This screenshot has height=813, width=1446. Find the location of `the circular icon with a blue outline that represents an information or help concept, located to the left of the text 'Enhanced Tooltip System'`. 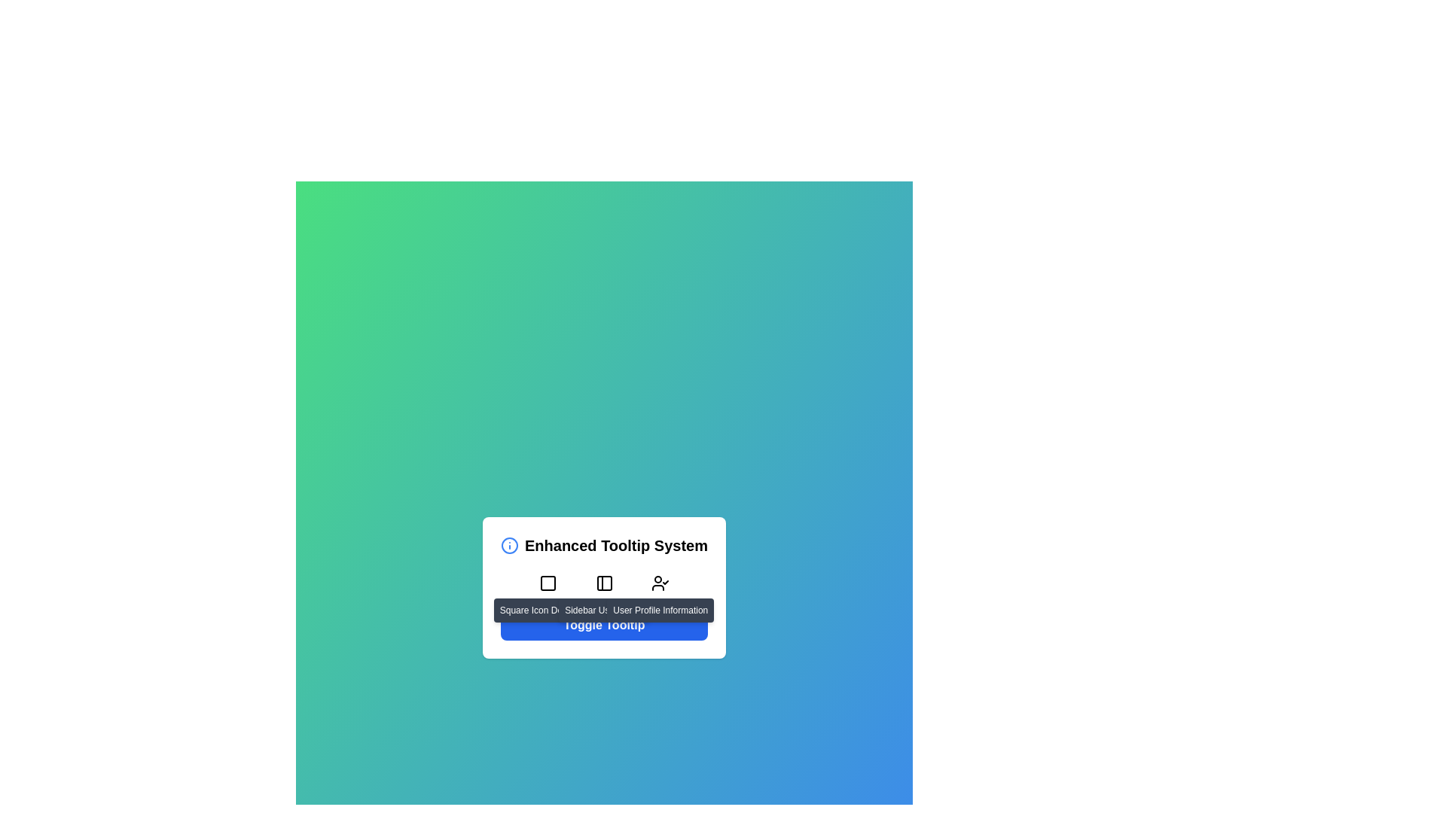

the circular icon with a blue outline that represents an information or help concept, located to the left of the text 'Enhanced Tooltip System' is located at coordinates (509, 546).